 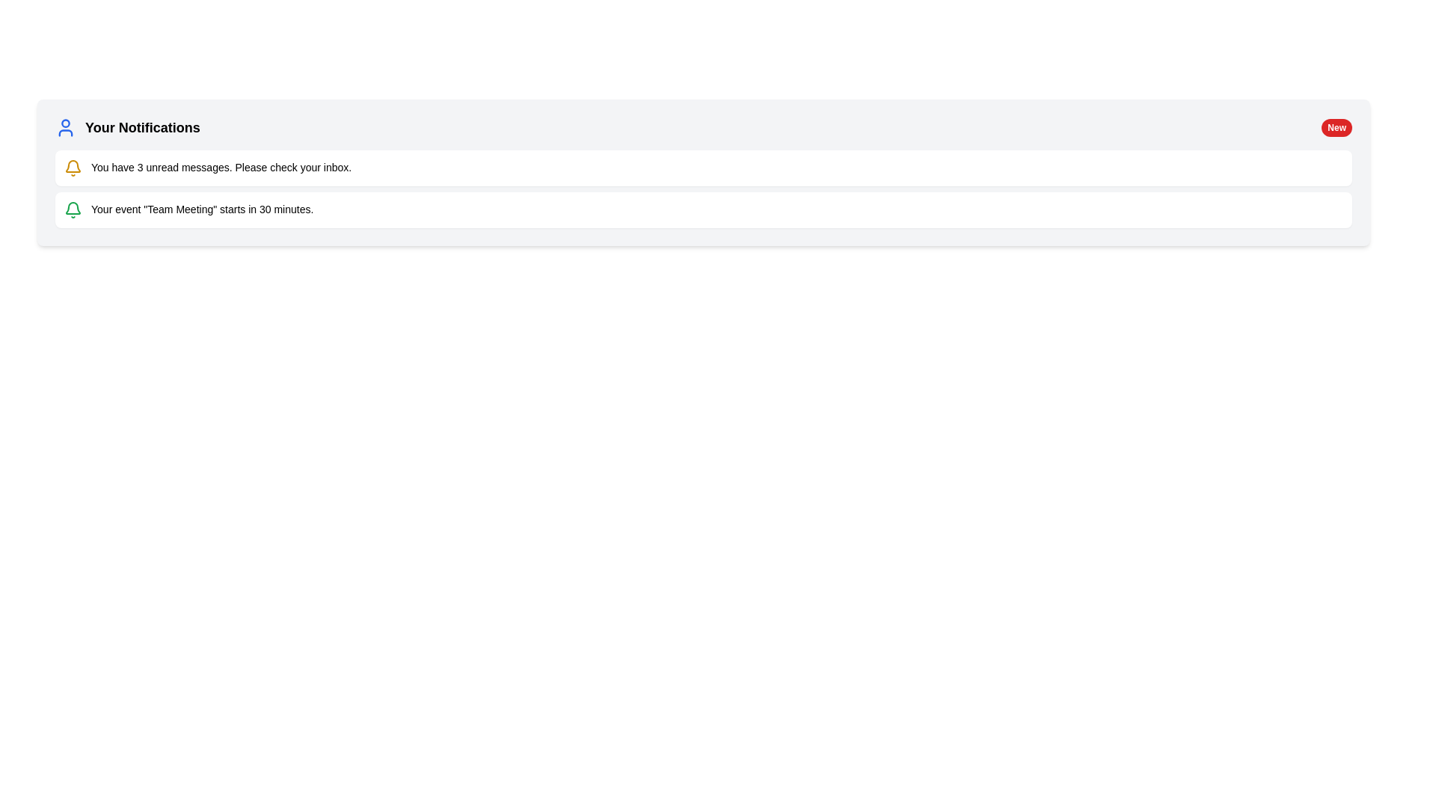 I want to click on the user icon located, so click(x=64, y=126).